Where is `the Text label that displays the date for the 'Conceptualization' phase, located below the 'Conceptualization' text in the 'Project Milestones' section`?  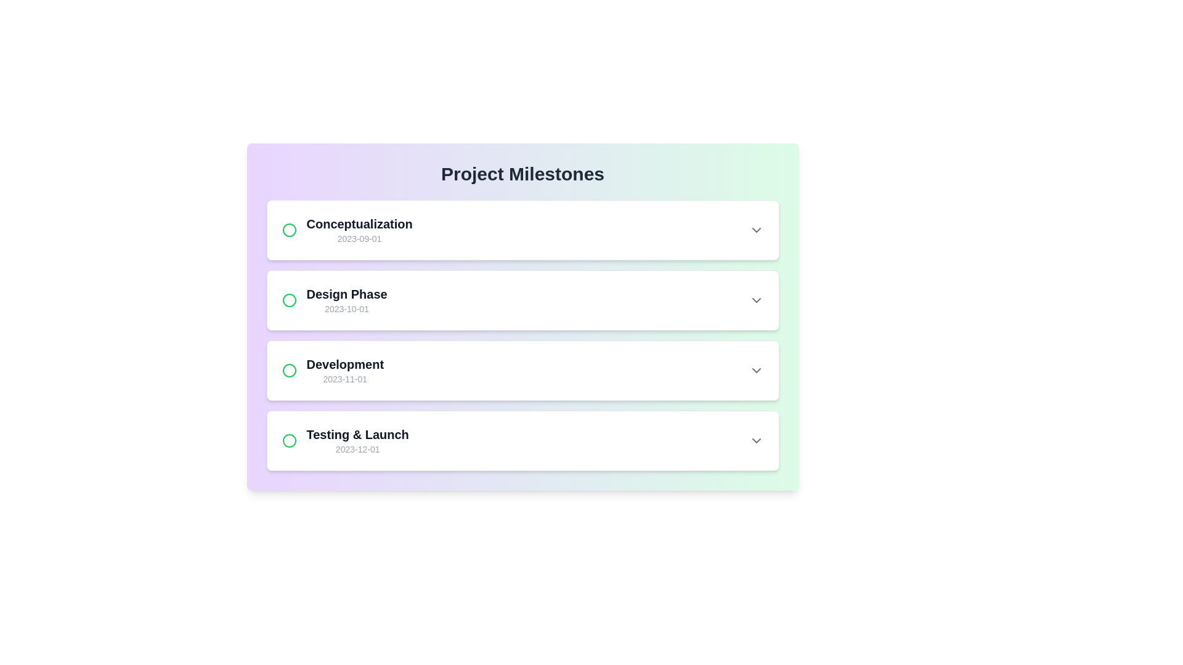
the Text label that displays the date for the 'Conceptualization' phase, located below the 'Conceptualization' text in the 'Project Milestones' section is located at coordinates (359, 239).